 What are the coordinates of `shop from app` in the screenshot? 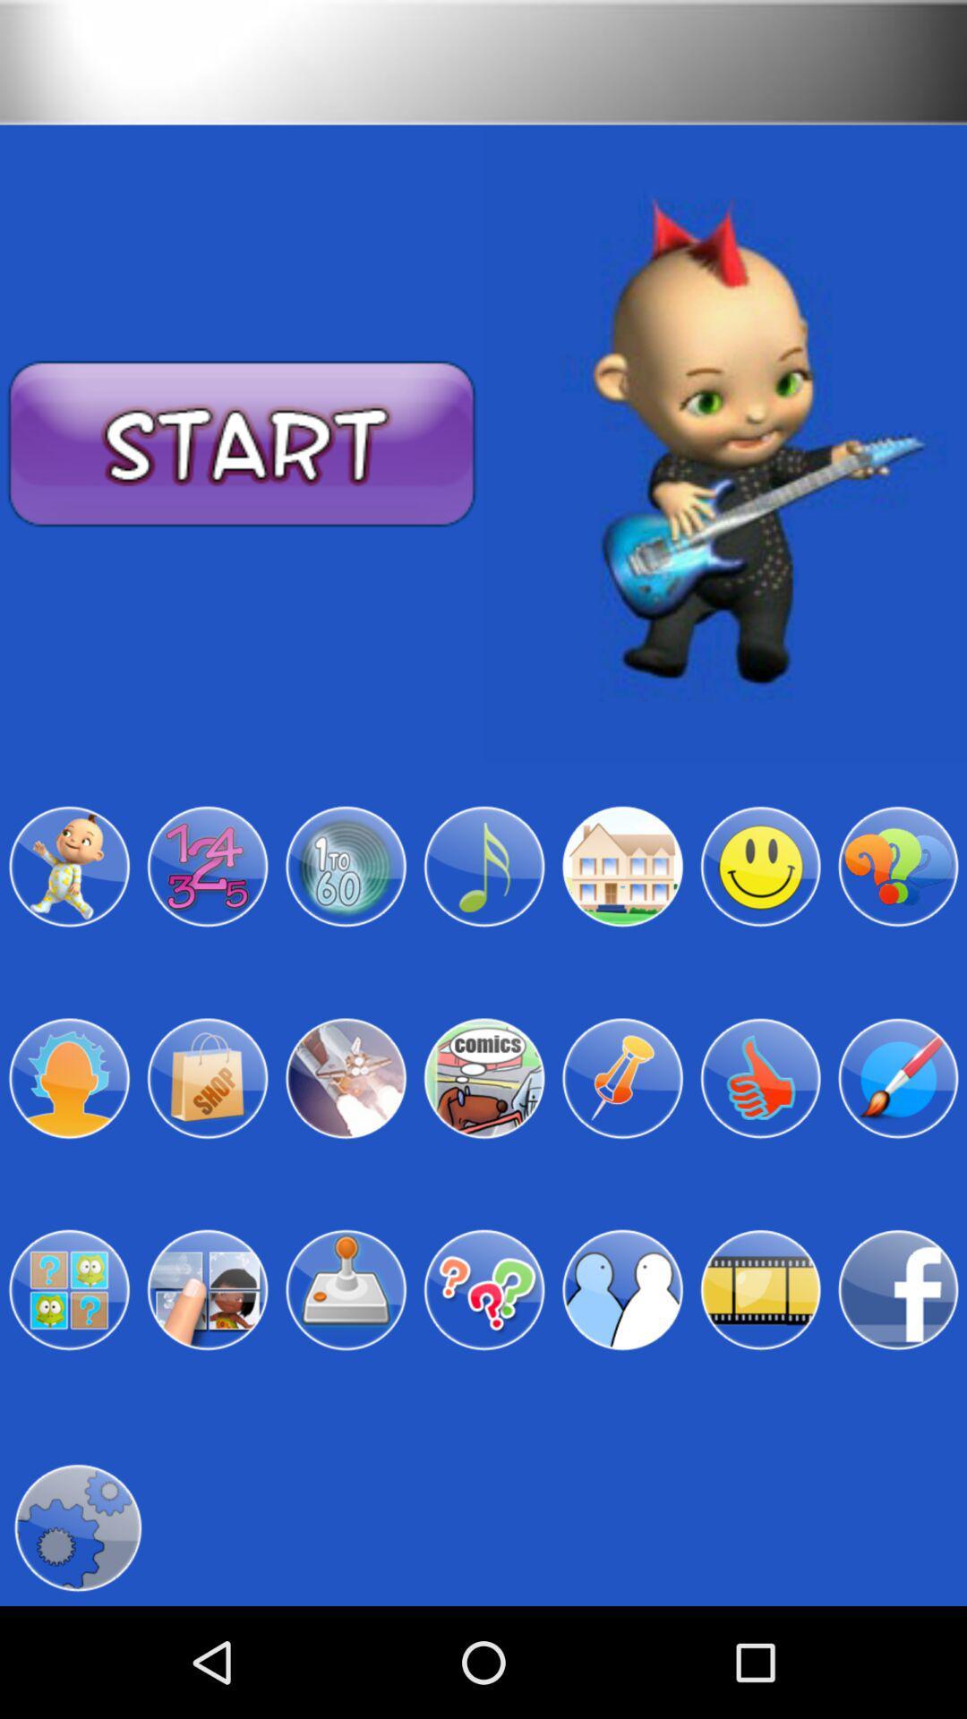 It's located at (206, 1077).